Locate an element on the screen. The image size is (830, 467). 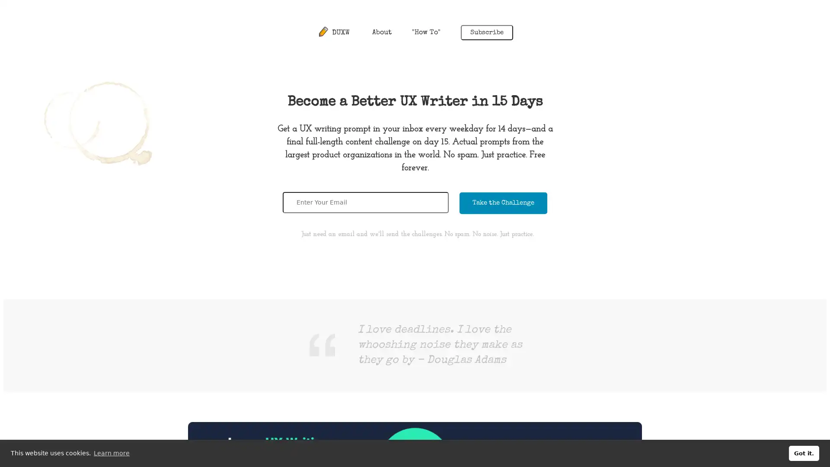
Subscribe is located at coordinates (486, 32).